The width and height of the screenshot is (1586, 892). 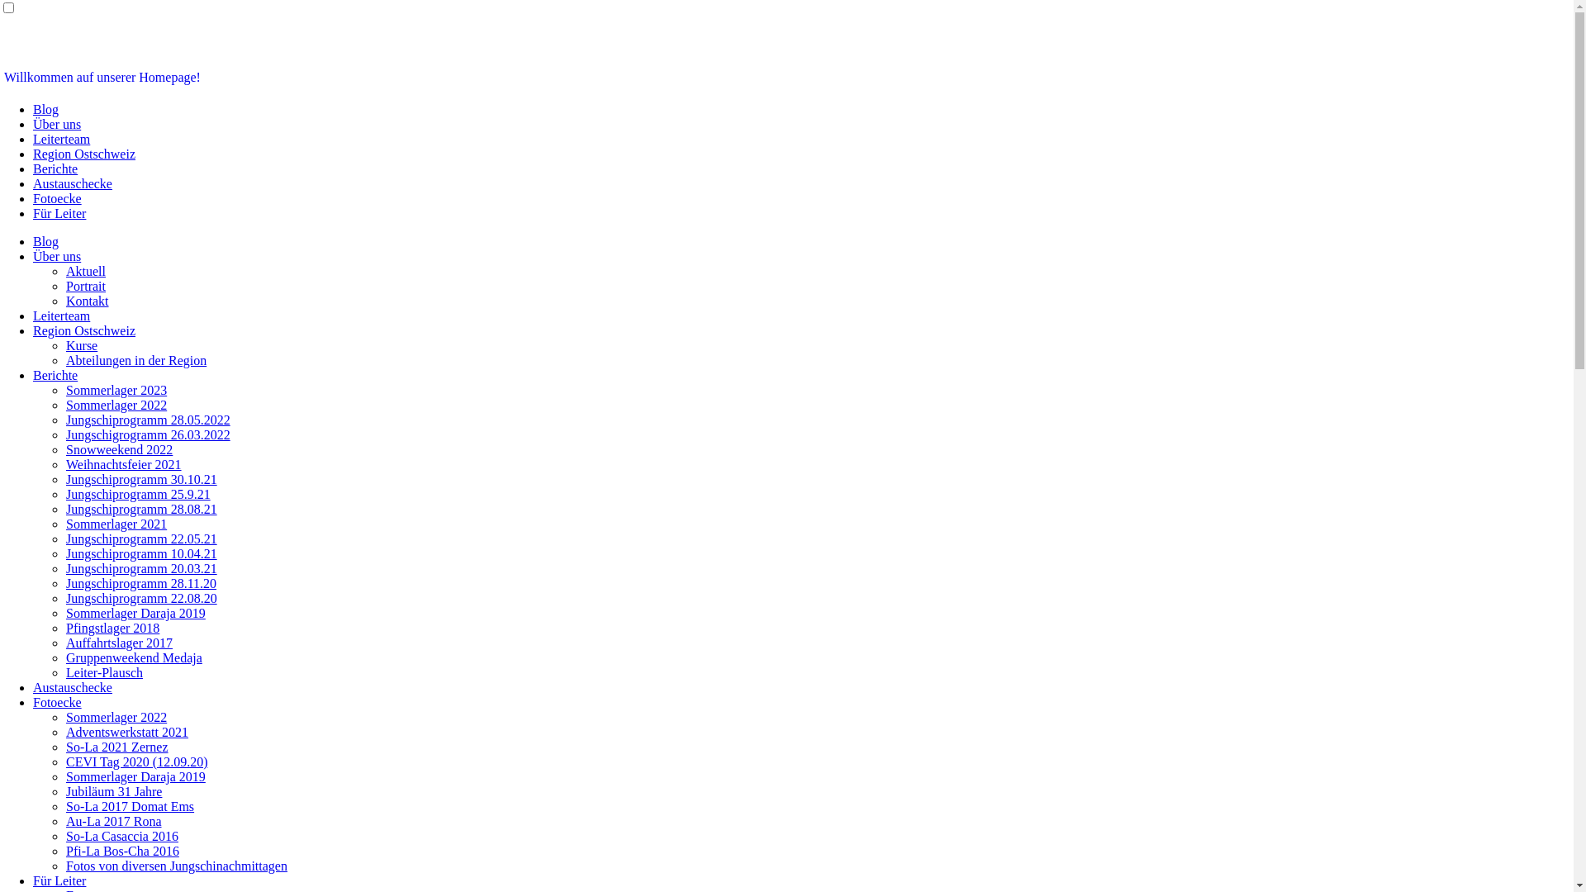 What do you see at coordinates (115, 716) in the screenshot?
I see `'Sommerlager 2022'` at bounding box center [115, 716].